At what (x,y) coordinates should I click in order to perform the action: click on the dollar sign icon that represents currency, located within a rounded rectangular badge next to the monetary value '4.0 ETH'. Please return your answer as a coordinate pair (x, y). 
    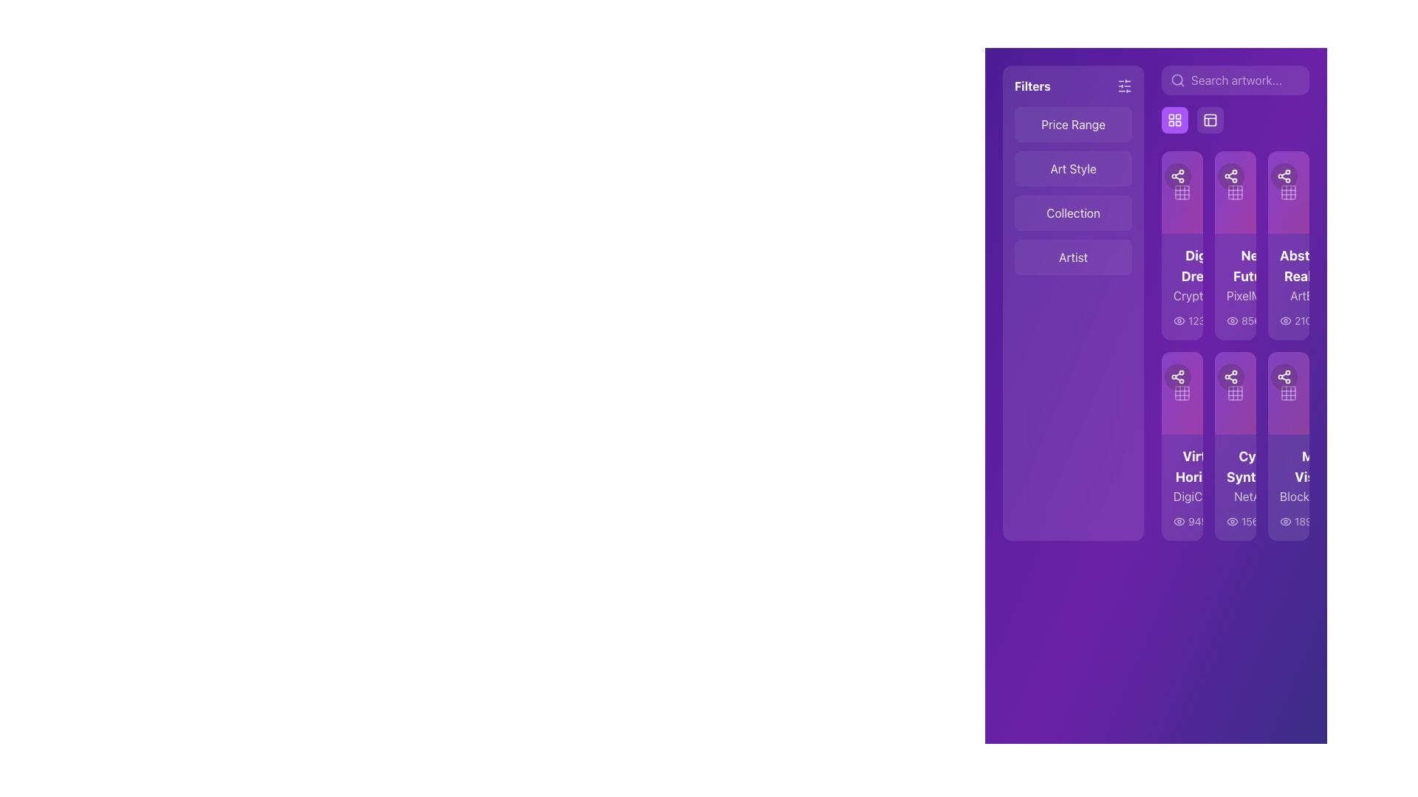
    Looking at the image, I should click on (1302, 466).